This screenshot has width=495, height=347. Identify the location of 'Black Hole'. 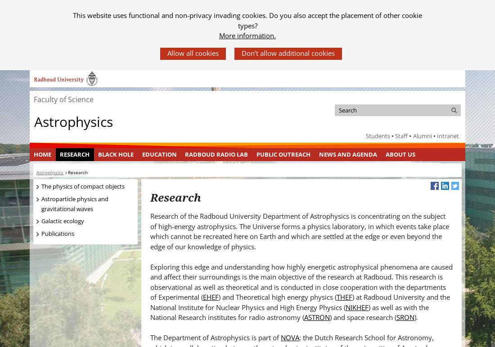
(115, 154).